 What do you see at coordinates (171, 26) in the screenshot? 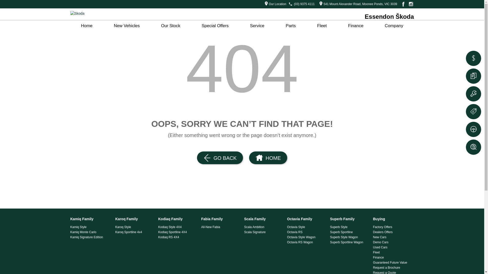
I see `'Our Stock'` at bounding box center [171, 26].